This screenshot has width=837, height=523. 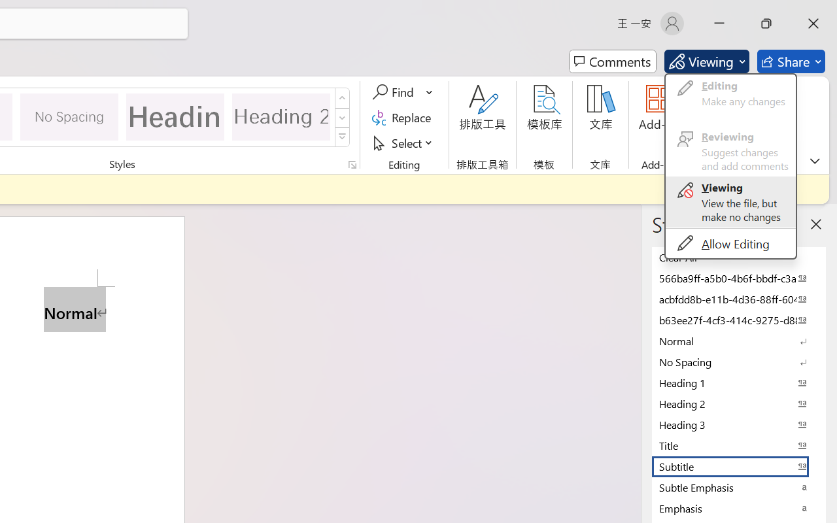 What do you see at coordinates (403, 117) in the screenshot?
I see `'Replace...'` at bounding box center [403, 117].